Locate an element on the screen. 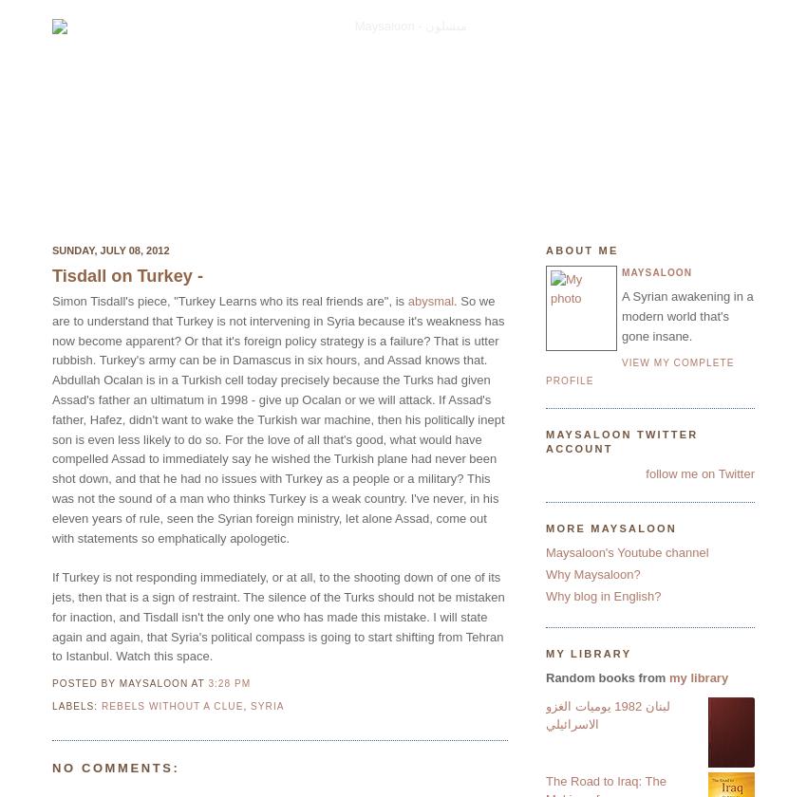 The image size is (807, 797). 'More Maysaloon' is located at coordinates (610, 527).